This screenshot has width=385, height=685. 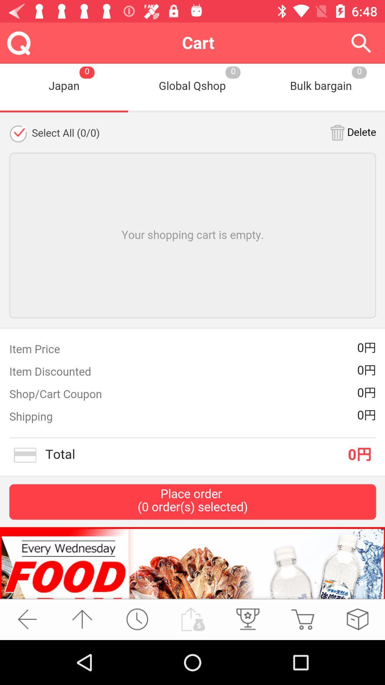 What do you see at coordinates (302, 619) in the screenshot?
I see `shopping cart` at bounding box center [302, 619].